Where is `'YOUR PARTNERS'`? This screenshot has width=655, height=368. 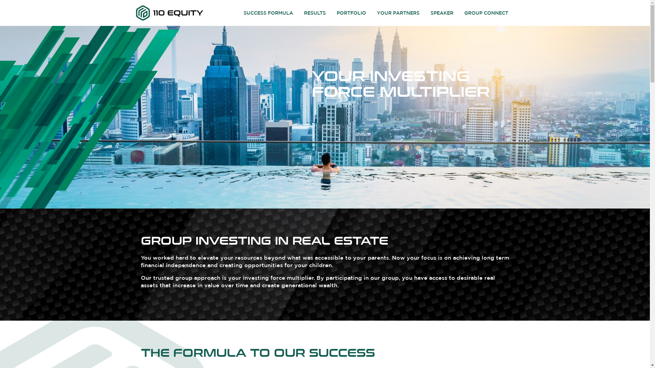 'YOUR PARTNERS' is located at coordinates (398, 13).